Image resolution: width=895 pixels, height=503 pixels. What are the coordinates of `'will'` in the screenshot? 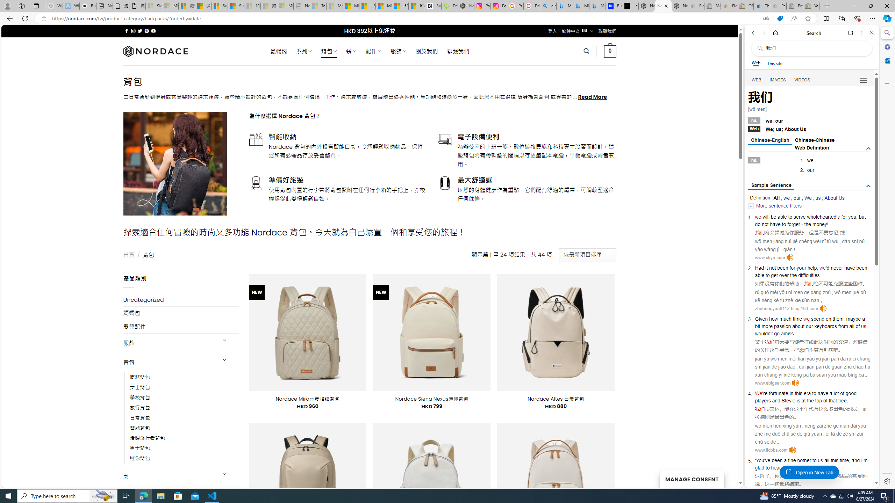 It's located at (766, 217).